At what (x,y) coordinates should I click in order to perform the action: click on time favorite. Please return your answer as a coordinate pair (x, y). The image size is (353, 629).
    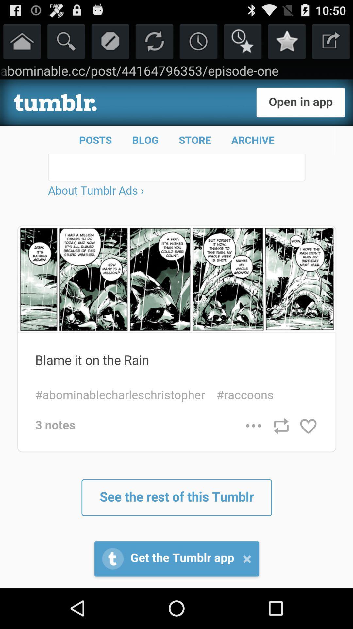
    Looking at the image, I should click on (243, 41).